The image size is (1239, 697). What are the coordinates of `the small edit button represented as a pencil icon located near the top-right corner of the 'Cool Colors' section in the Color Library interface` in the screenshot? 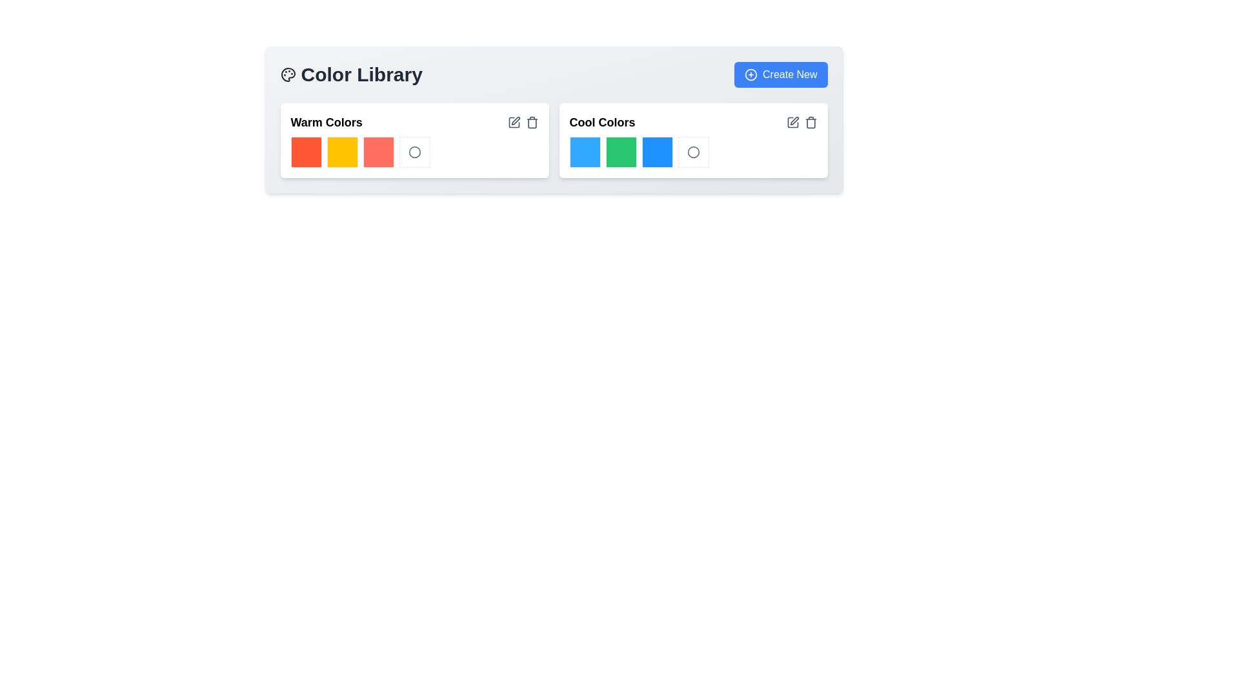 It's located at (793, 121).